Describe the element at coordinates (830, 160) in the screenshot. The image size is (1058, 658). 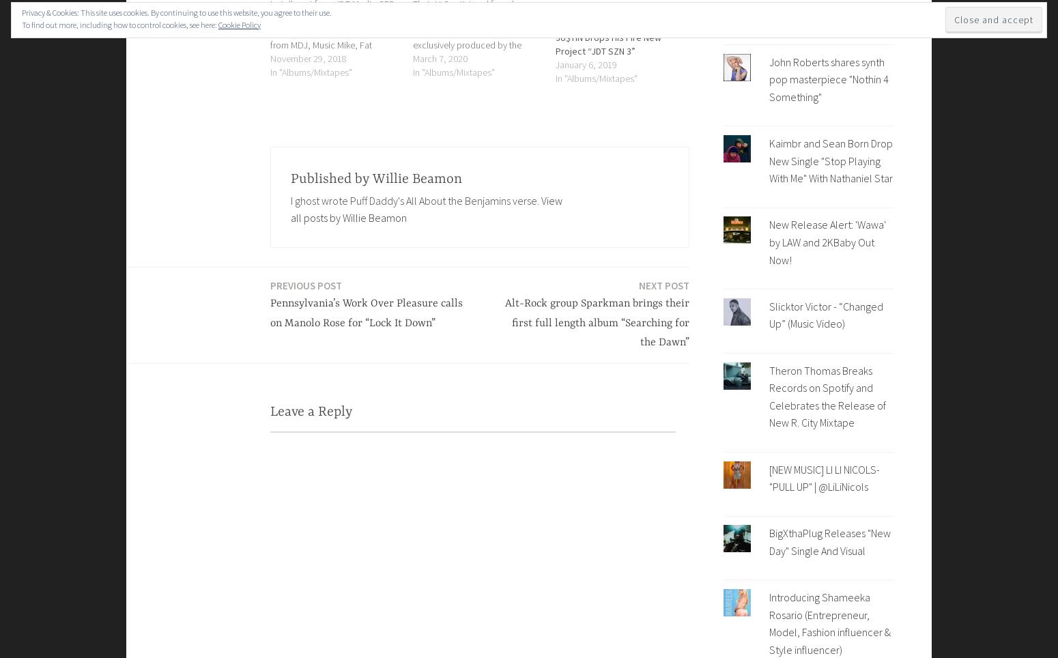
I see `'Kaimbr and Sean Born Drop New Single "Stop Playing With Me" With Nathaniel Star'` at that location.